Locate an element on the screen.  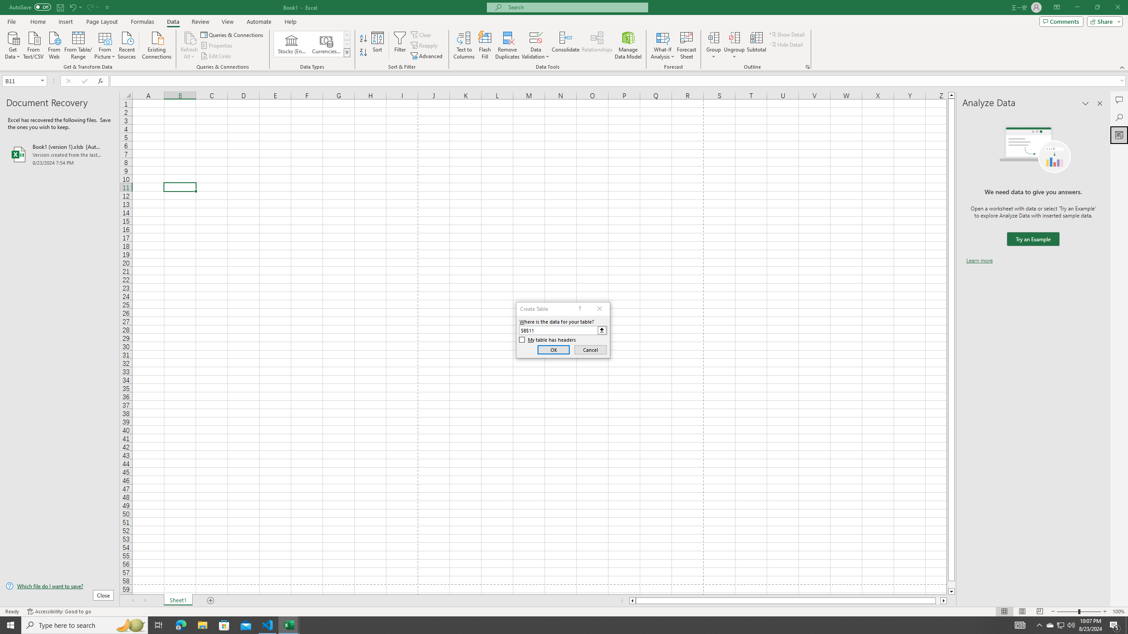
'We need data to give you answers. Try an Example' is located at coordinates (1032, 239).